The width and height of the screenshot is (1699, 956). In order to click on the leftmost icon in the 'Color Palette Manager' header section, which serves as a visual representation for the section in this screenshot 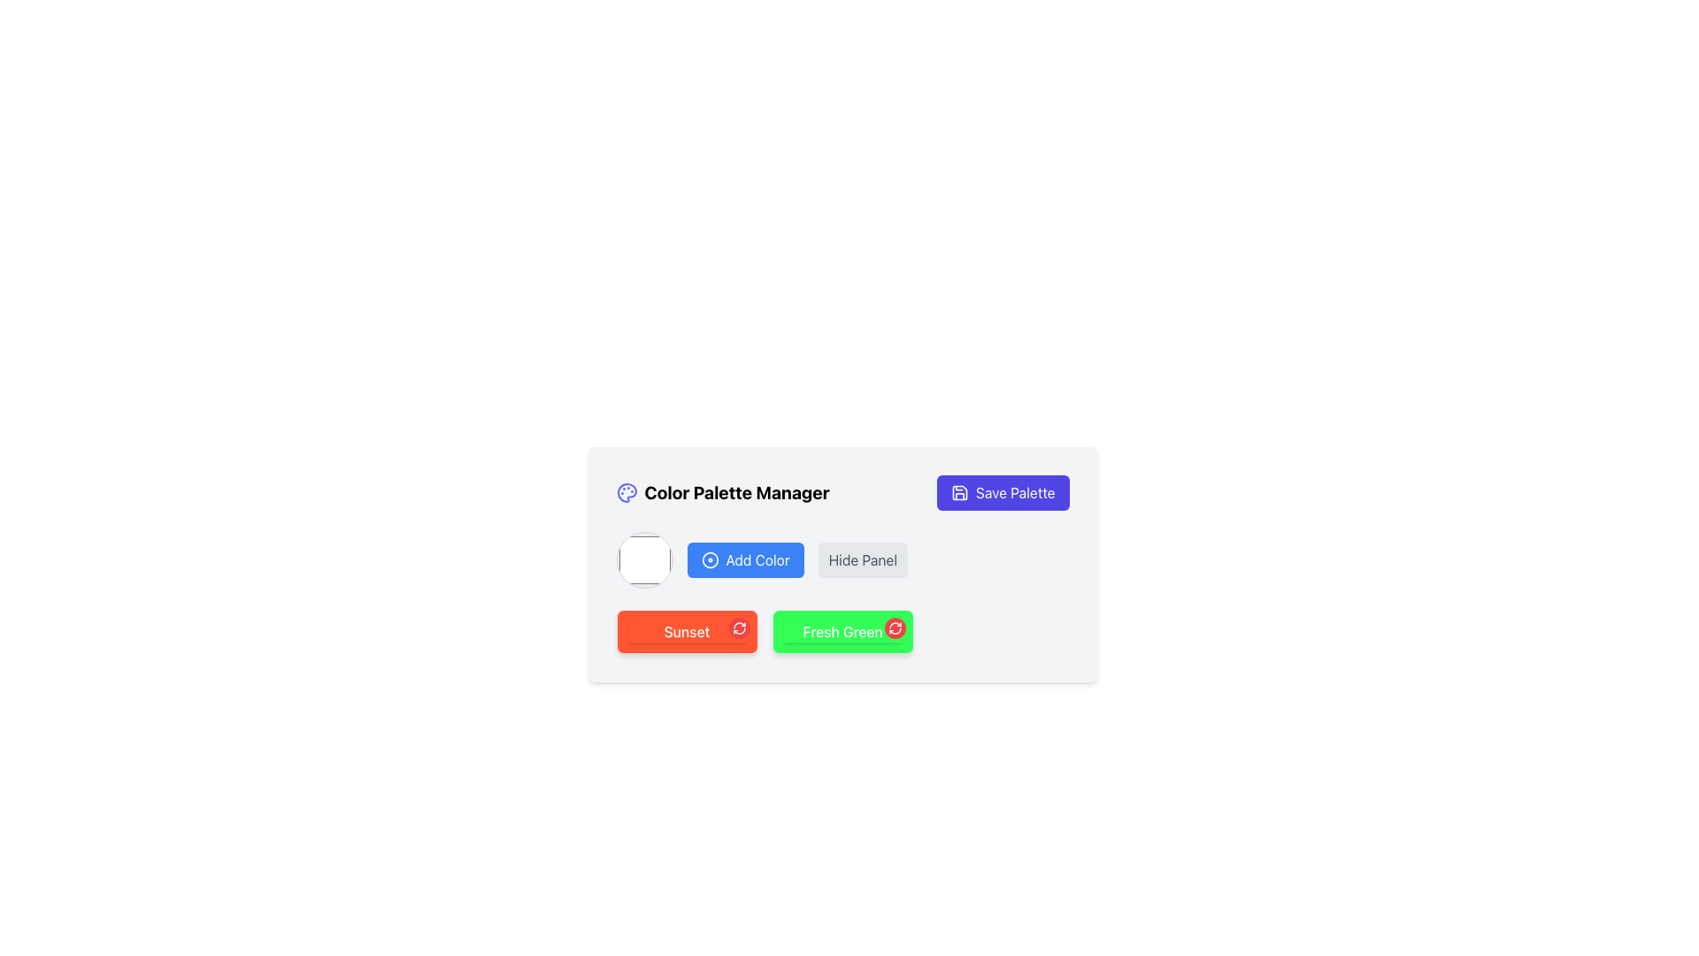, I will do `click(627, 492)`.